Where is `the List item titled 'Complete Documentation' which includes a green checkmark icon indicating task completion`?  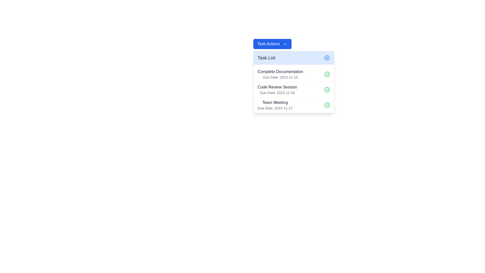 the List item titled 'Complete Documentation' which includes a green checkmark icon indicating task completion is located at coordinates (294, 74).